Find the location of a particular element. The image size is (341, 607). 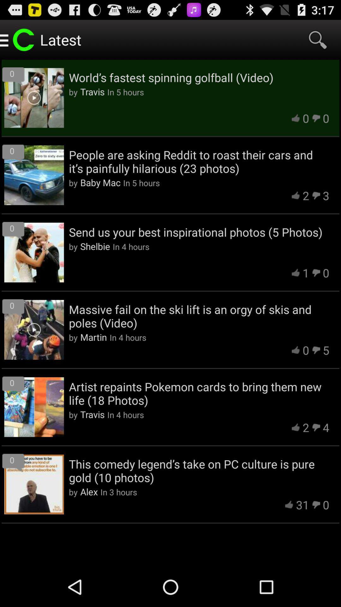

1 item is located at coordinates (305, 273).